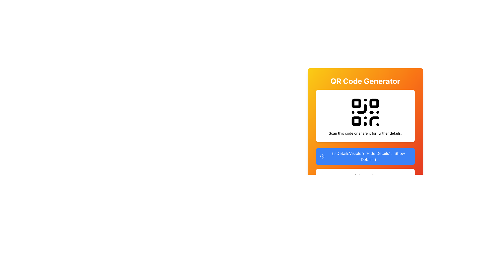 This screenshot has width=493, height=277. What do you see at coordinates (365, 156) in the screenshot?
I see `the blue rectangular button with rounded corners that toggles visibility of details, displaying either 'Hide Details' or 'Show Details'` at bounding box center [365, 156].